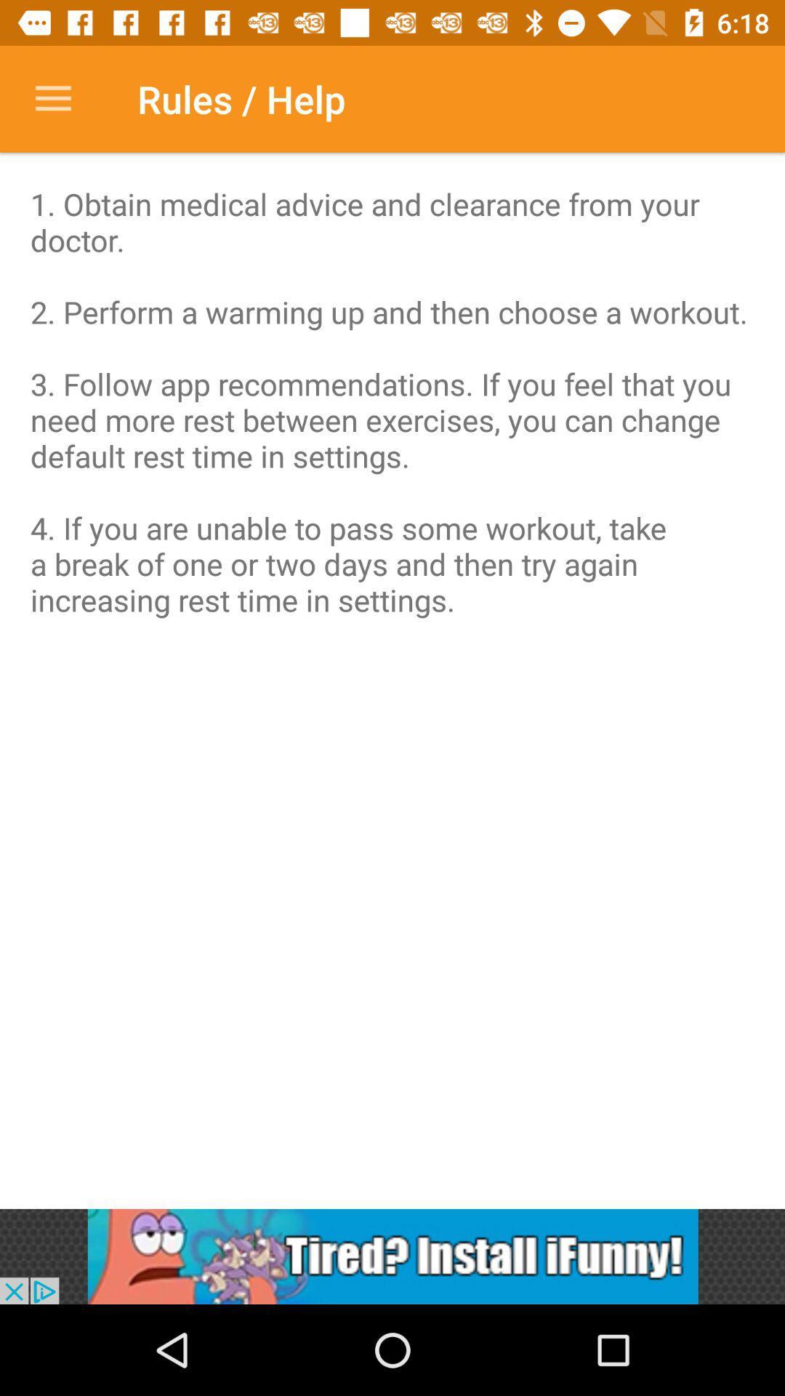 The height and width of the screenshot is (1396, 785). What do you see at coordinates (392, 1256) in the screenshot?
I see `this advertisement` at bounding box center [392, 1256].